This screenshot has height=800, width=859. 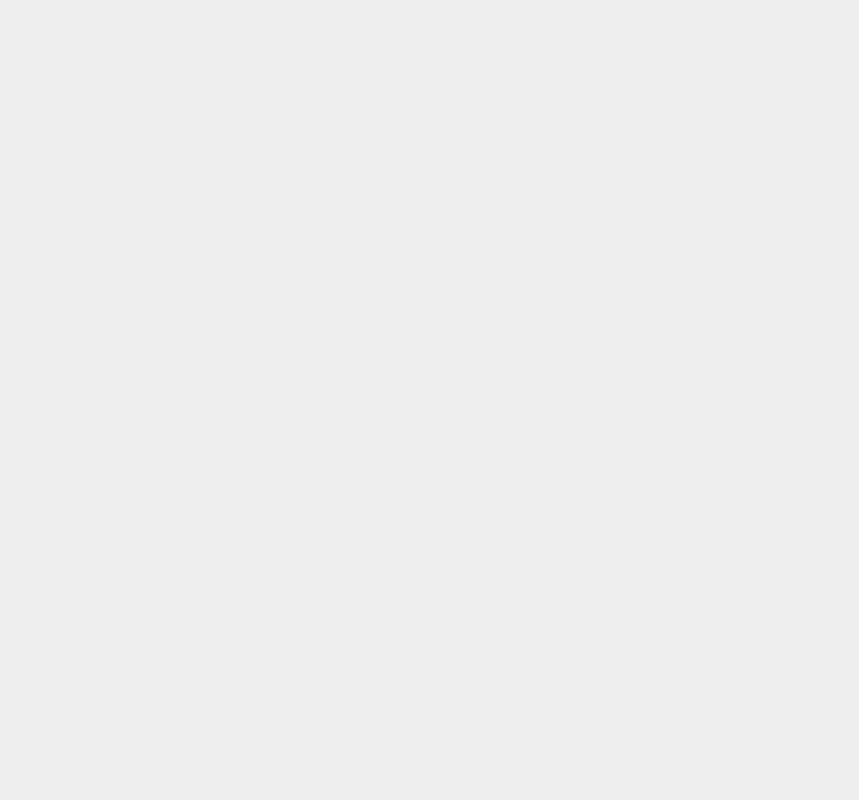 What do you see at coordinates (649, 419) in the screenshot?
I see `'Social Media Tools'` at bounding box center [649, 419].